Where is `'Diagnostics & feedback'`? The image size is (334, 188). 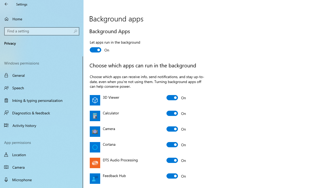
'Diagnostics & feedback' is located at coordinates (42, 113).